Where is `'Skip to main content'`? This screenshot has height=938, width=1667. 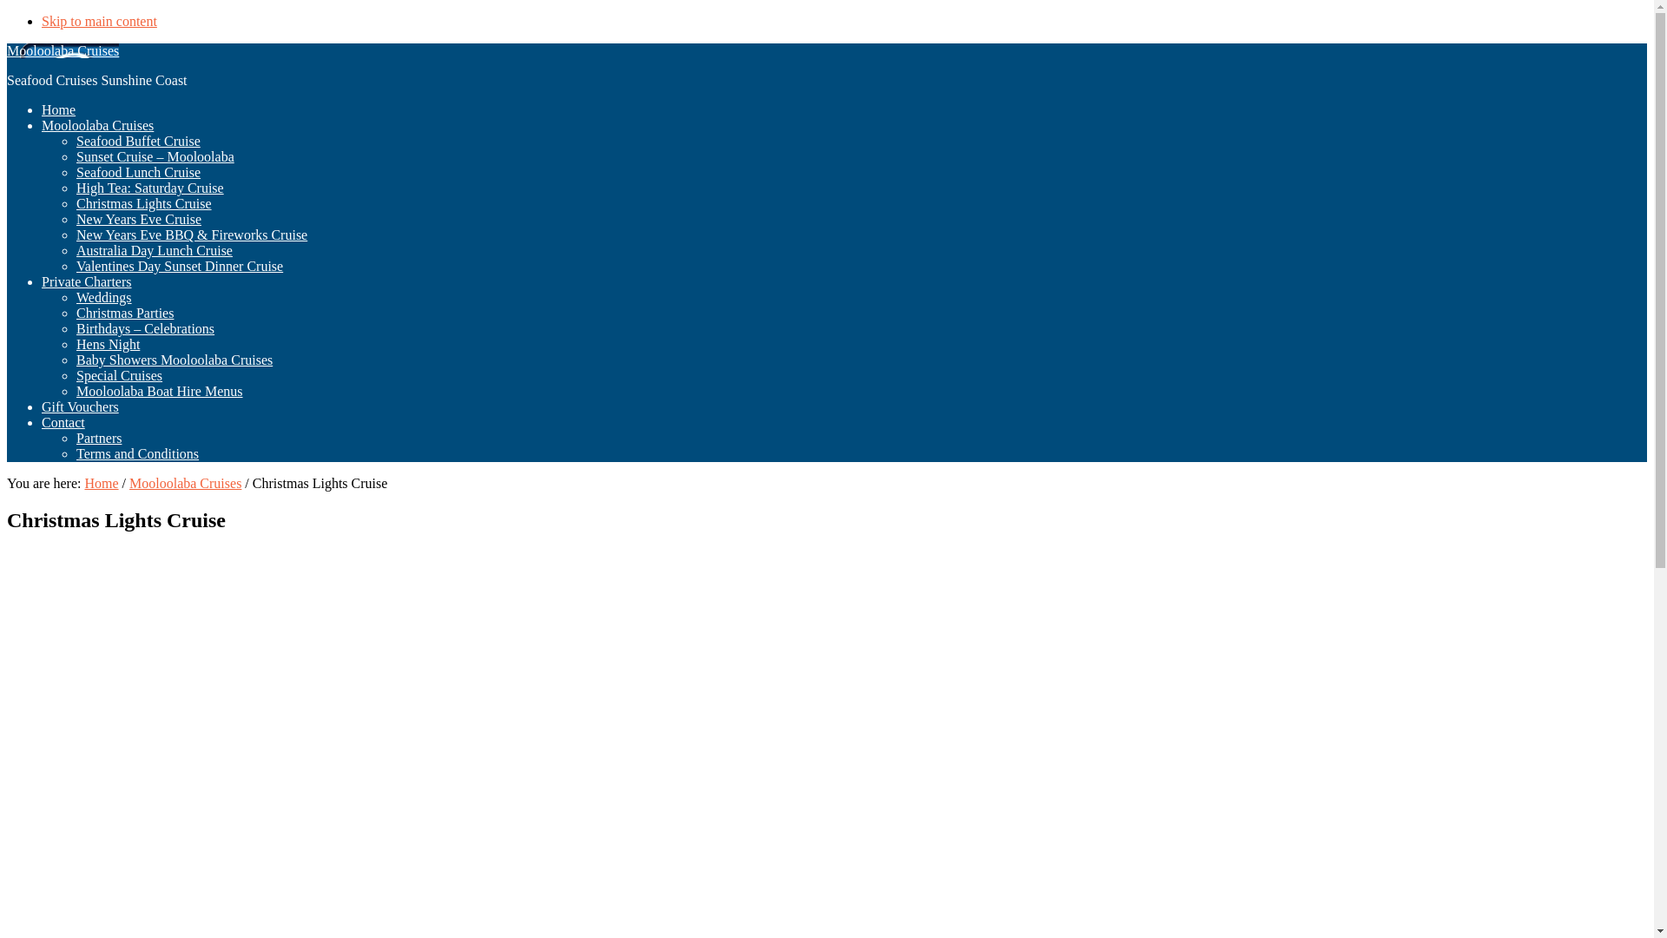
'Skip to main content' is located at coordinates (42, 21).